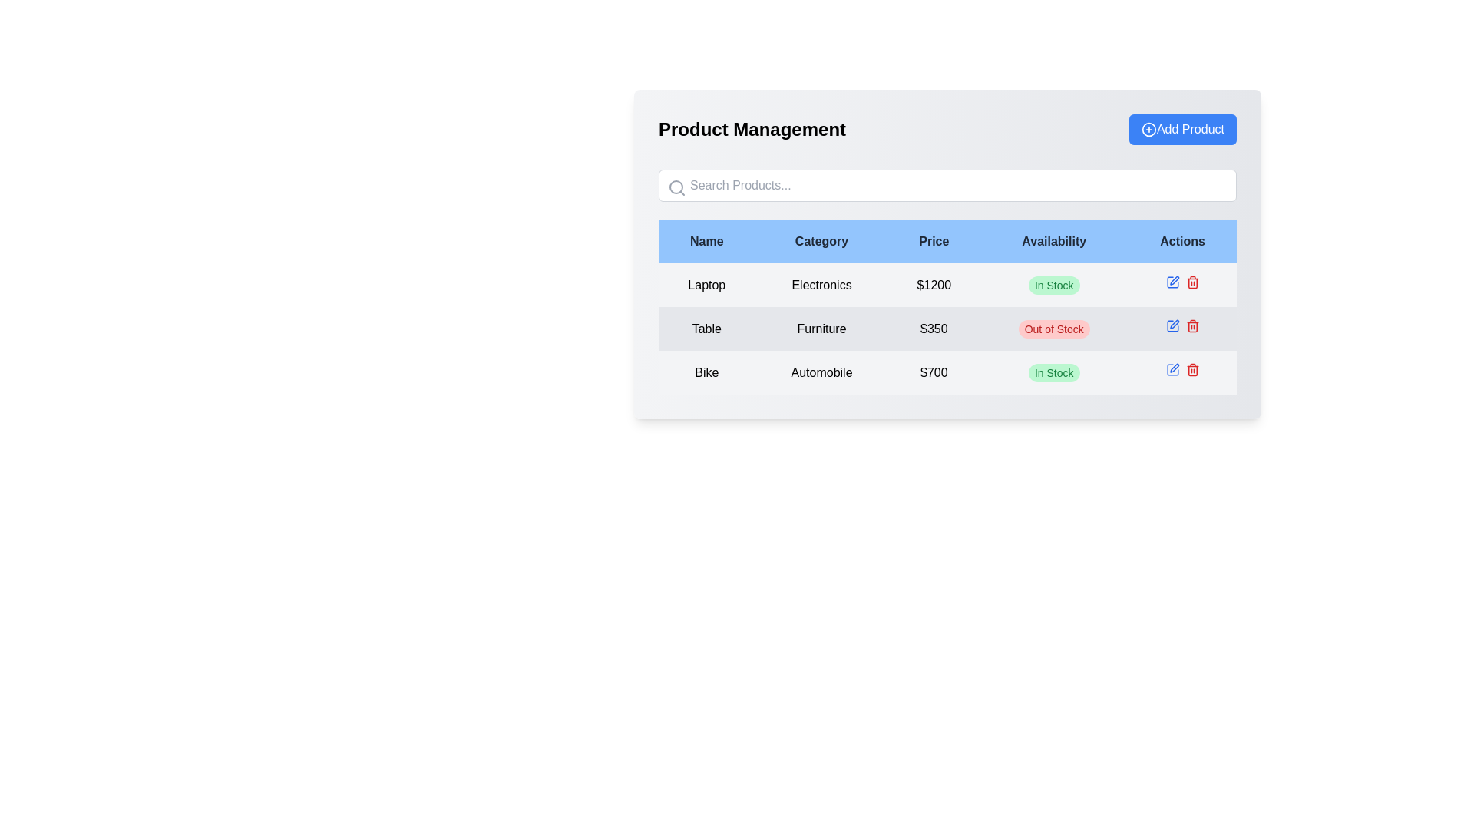 This screenshot has height=829, width=1474. What do you see at coordinates (933, 328) in the screenshot?
I see `the price label of the item 'Table' in the second row and third column of the table, which indicates the price for the furniture category` at bounding box center [933, 328].